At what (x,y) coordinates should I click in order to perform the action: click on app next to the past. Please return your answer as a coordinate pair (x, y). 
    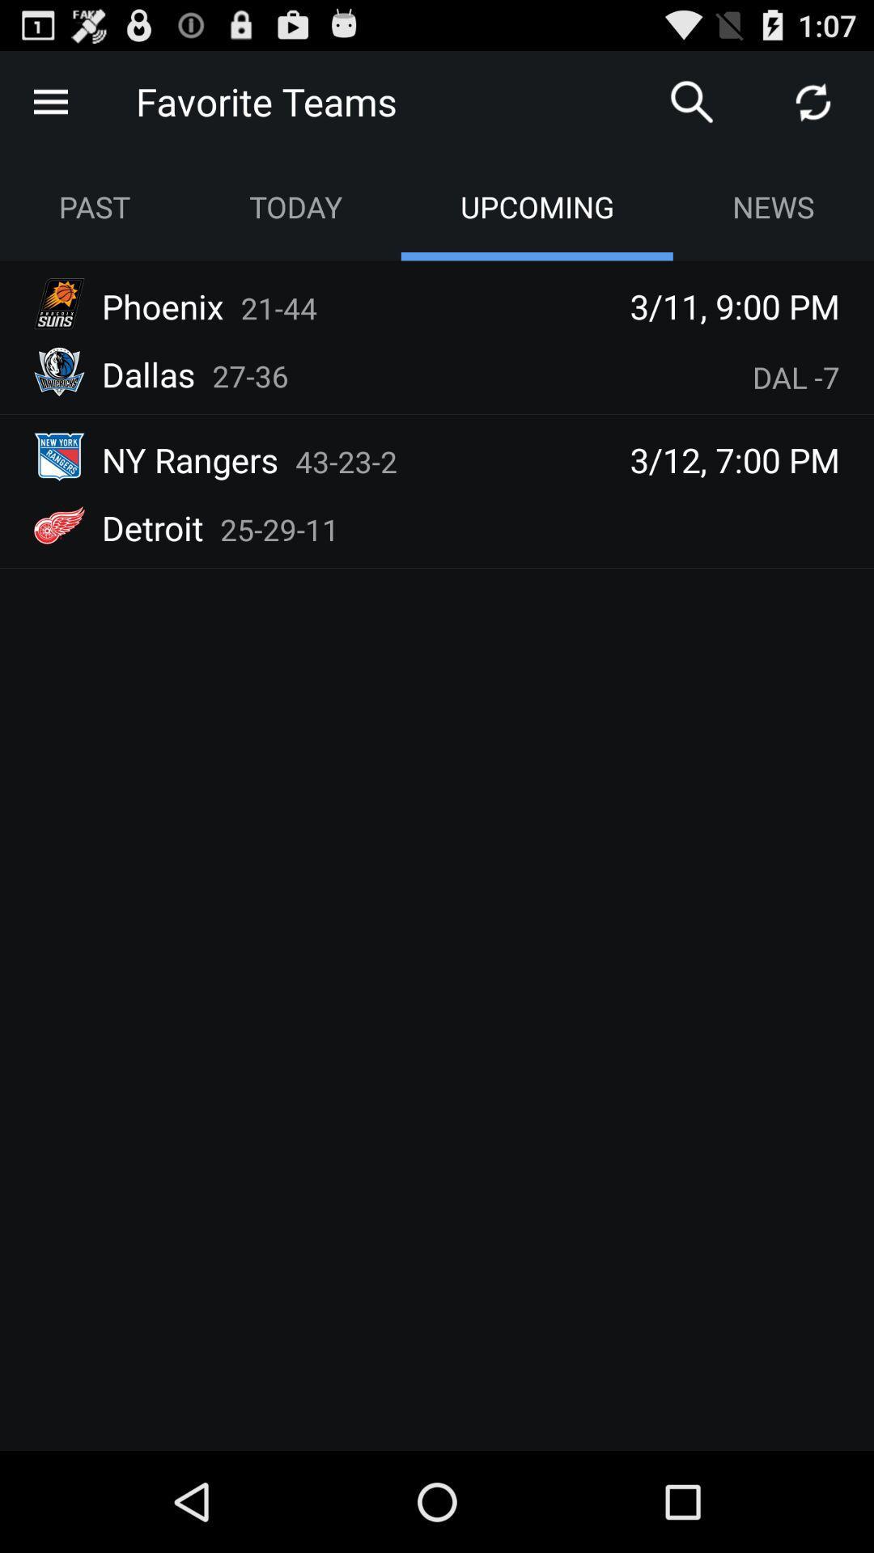
    Looking at the image, I should click on (295, 205).